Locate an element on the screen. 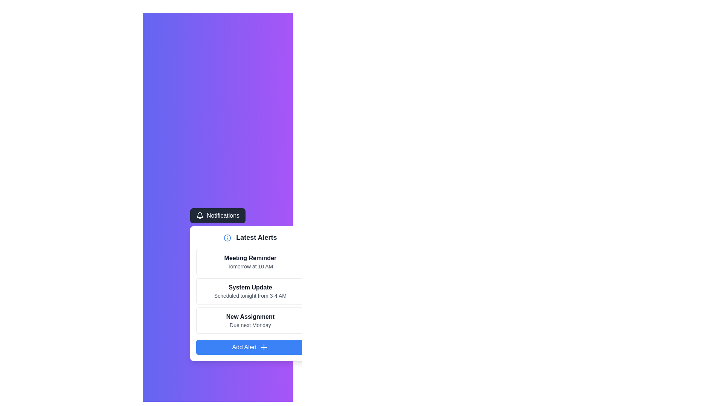 This screenshot has width=723, height=406. the Text label that provides the scheduled time of a meeting or event, located below the 'Meeting Reminder' title in the notification card is located at coordinates (250, 266).